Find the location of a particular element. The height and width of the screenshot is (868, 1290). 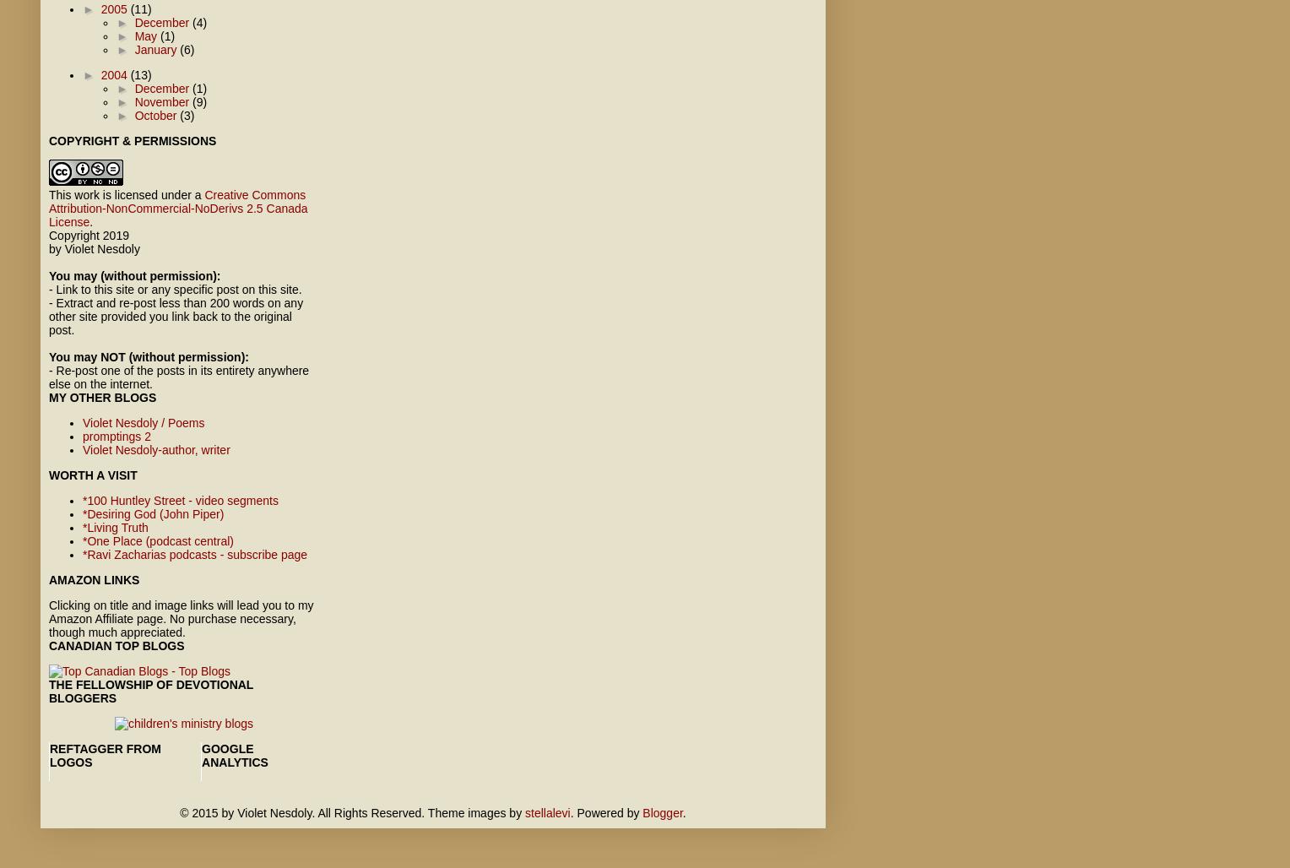

'Violet Nesdoly-author, writer' is located at coordinates (156, 450).